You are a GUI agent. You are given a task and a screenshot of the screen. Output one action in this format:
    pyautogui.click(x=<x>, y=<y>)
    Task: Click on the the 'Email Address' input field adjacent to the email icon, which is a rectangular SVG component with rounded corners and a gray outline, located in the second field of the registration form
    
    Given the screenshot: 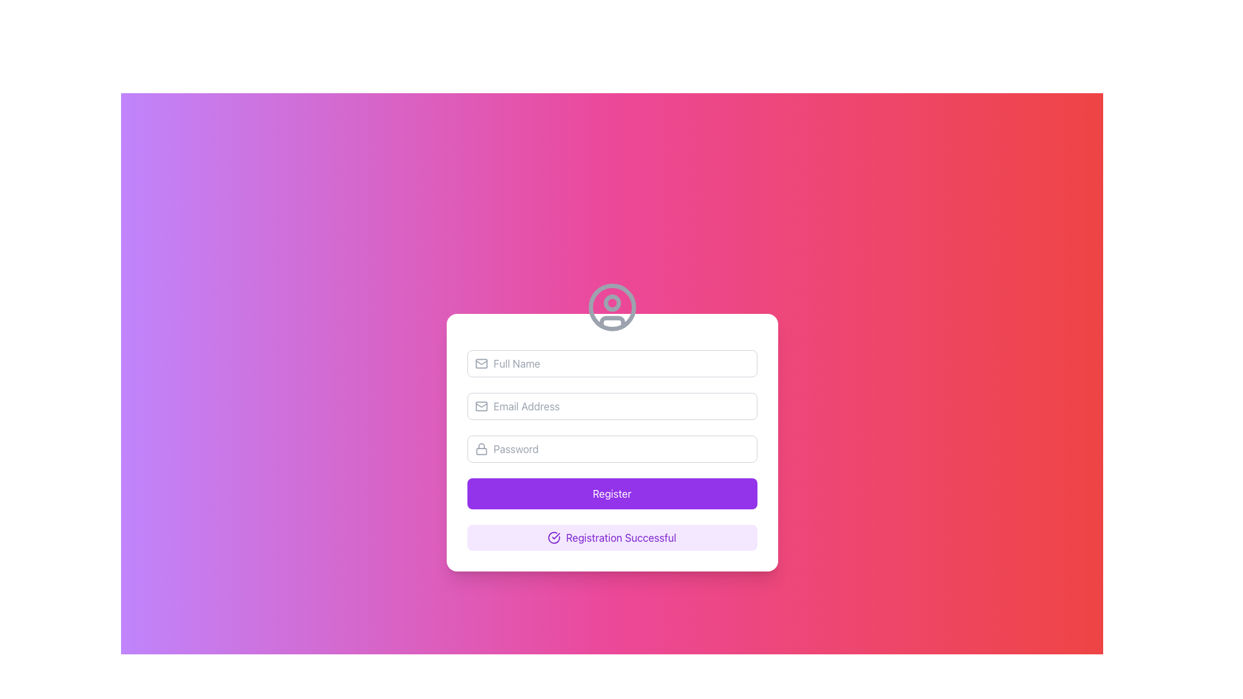 What is the action you would take?
    pyautogui.click(x=480, y=406)
    